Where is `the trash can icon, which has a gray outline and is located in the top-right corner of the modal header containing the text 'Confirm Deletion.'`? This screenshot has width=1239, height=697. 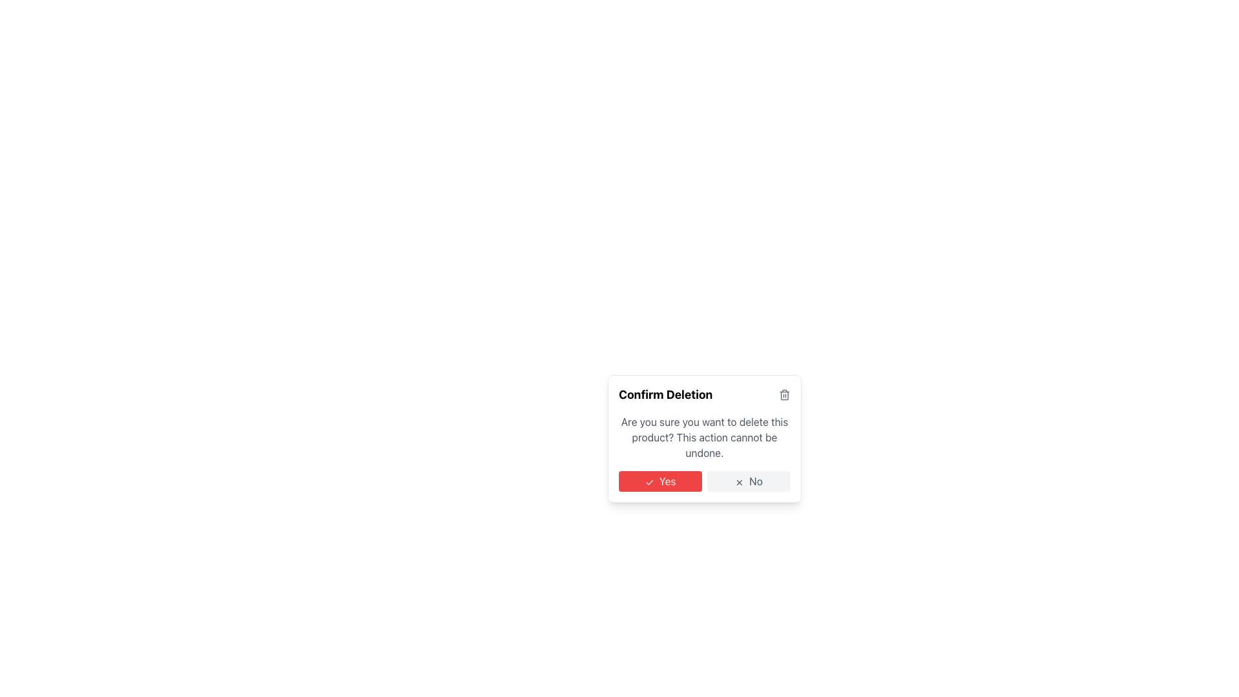 the trash can icon, which has a gray outline and is located in the top-right corner of the modal header containing the text 'Confirm Deletion.' is located at coordinates (783, 394).